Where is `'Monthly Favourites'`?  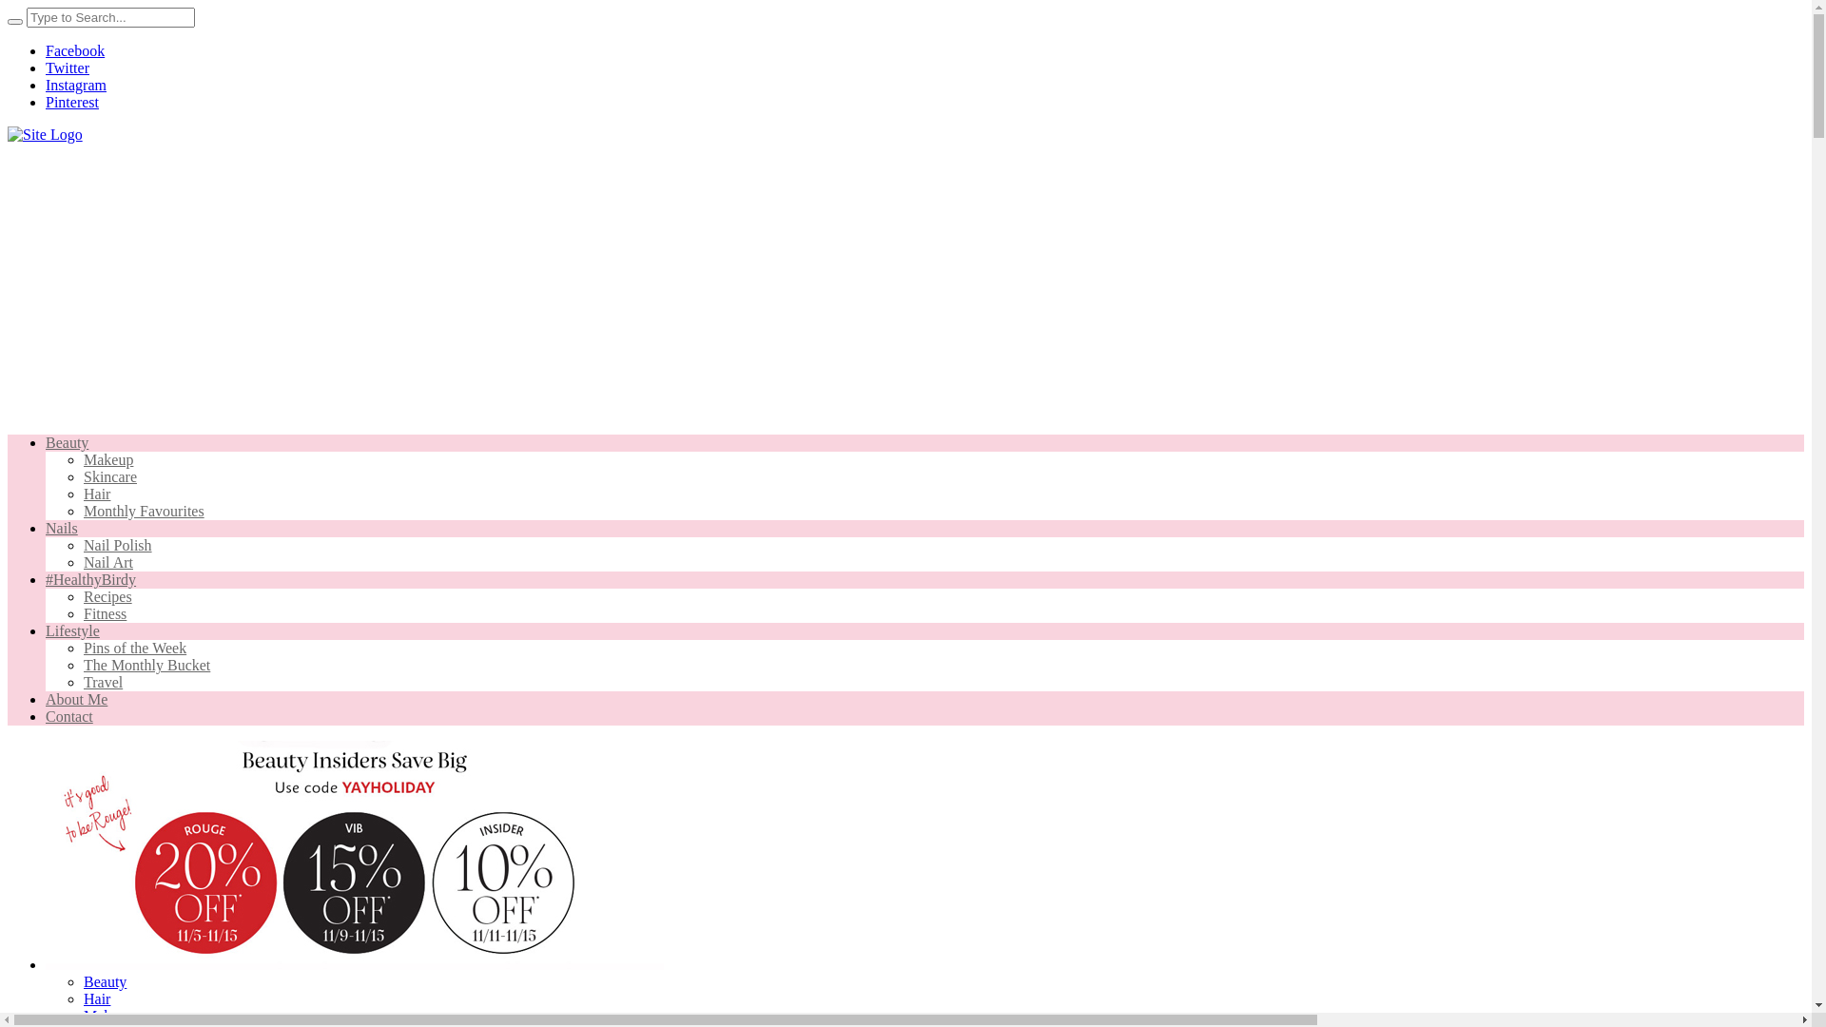
'Monthly Favourites' is located at coordinates (82, 510).